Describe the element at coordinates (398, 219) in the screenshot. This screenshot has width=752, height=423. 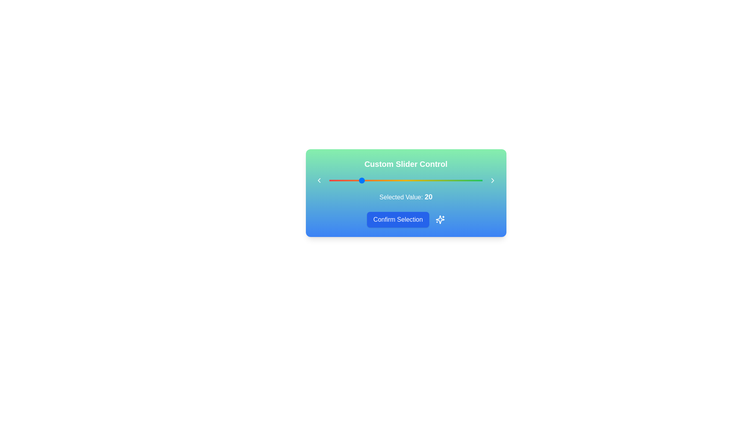
I see `the 'Confirm Selection' button` at that location.